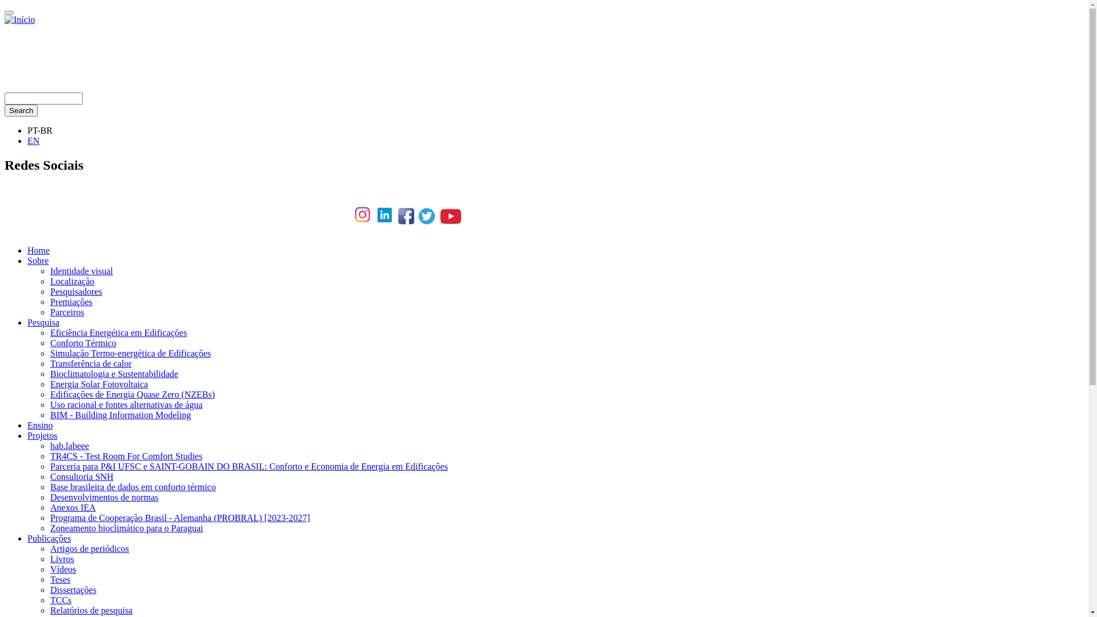  I want to click on 'Ensino', so click(40, 425).